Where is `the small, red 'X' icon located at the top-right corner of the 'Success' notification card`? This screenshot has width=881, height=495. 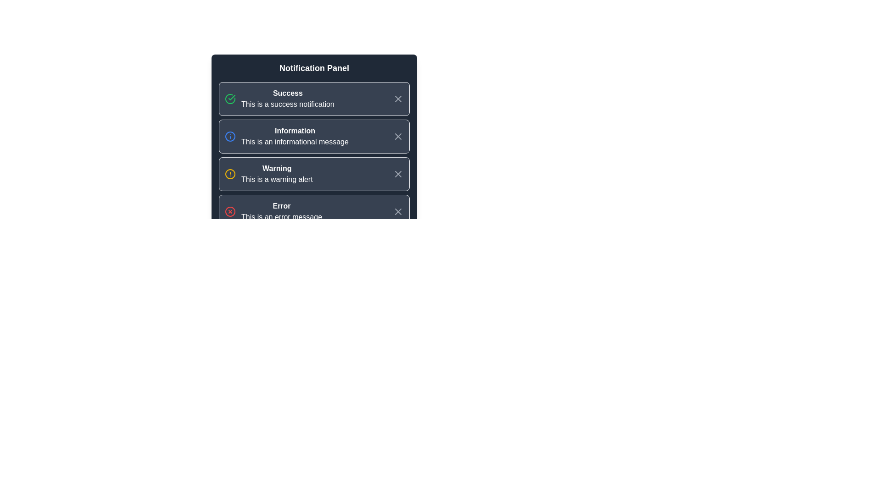
the small, red 'X' icon located at the top-right corner of the 'Success' notification card is located at coordinates (398, 99).